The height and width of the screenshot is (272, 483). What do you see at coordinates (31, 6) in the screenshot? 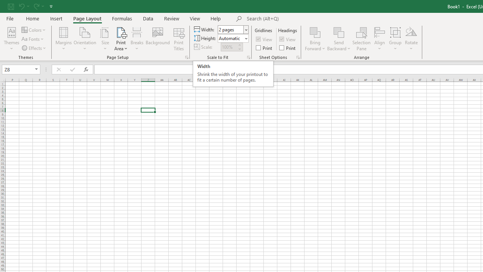
I see `'Quick Access Toolbar'` at bounding box center [31, 6].